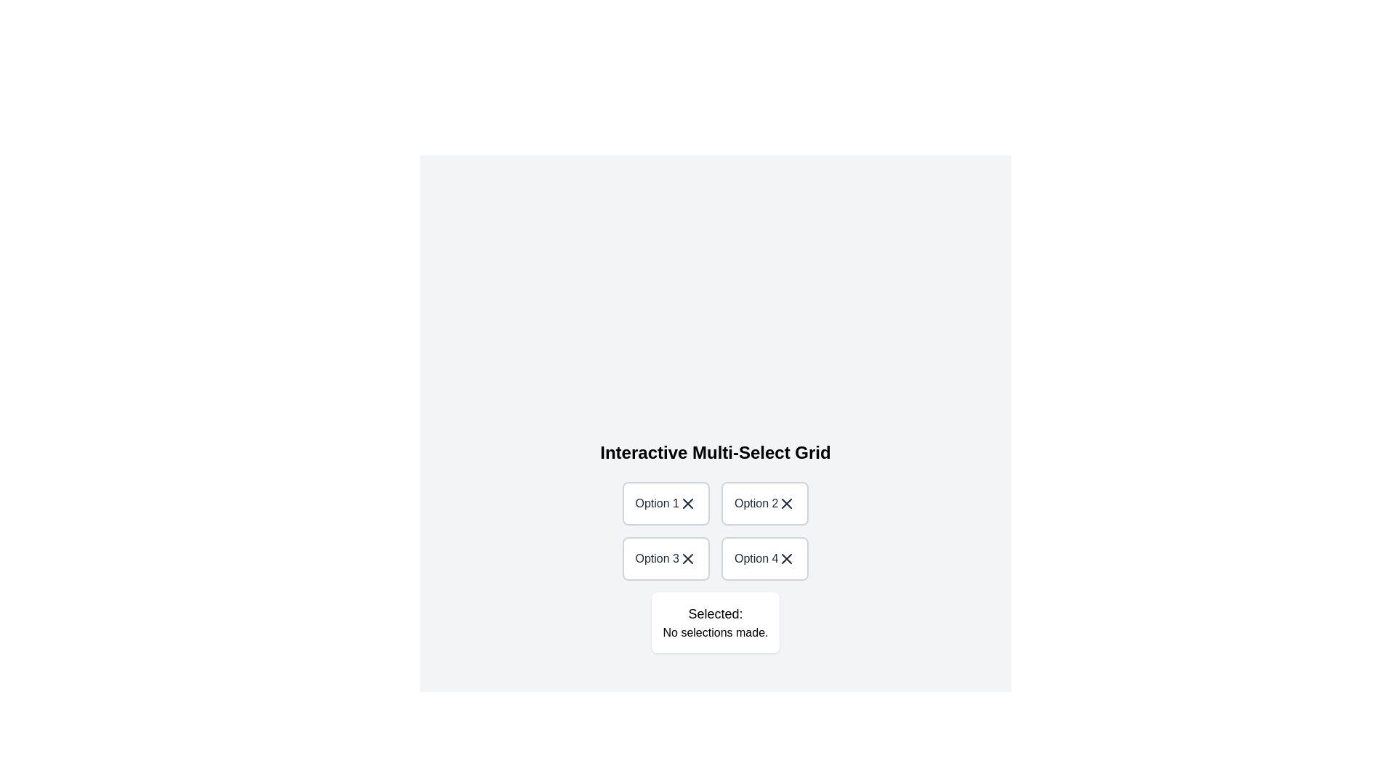  Describe the element at coordinates (665, 503) in the screenshot. I see `the option Option 1 by clicking on it` at that location.